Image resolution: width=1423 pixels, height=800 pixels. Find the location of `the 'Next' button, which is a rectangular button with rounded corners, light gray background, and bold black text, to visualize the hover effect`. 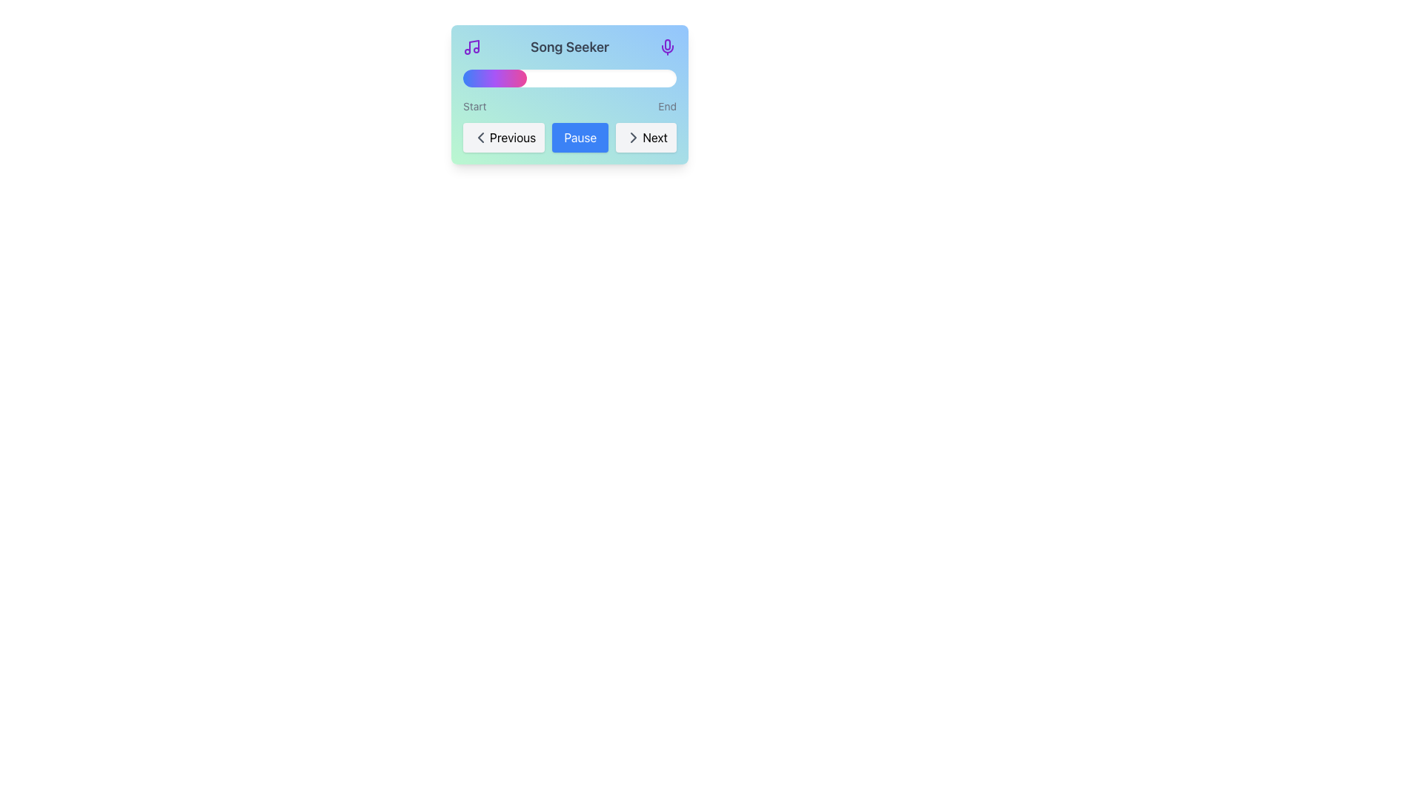

the 'Next' button, which is a rectangular button with rounded corners, light gray background, and bold black text, to visualize the hover effect is located at coordinates (646, 137).